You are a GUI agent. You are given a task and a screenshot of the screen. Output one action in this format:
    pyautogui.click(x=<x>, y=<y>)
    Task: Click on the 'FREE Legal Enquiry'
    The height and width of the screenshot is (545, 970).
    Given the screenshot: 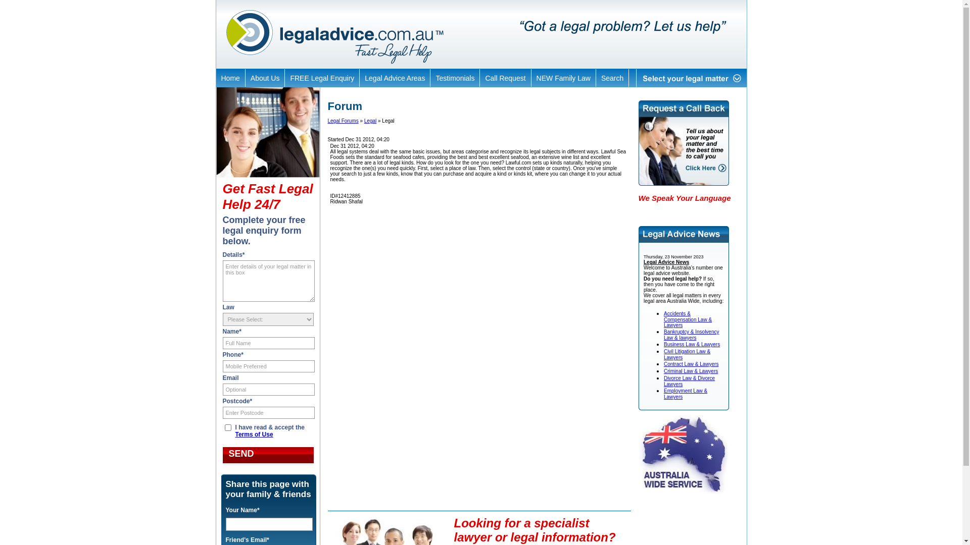 What is the action you would take?
    pyautogui.click(x=321, y=77)
    